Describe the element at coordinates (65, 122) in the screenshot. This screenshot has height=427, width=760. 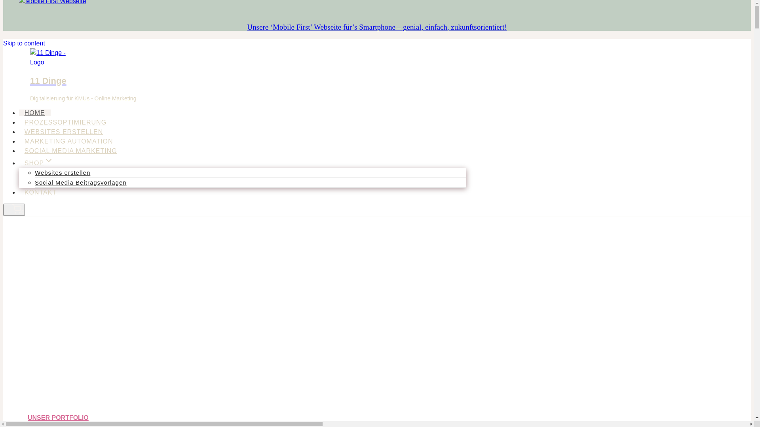
I see `'PROZESSOPTIMIERUNG'` at that location.